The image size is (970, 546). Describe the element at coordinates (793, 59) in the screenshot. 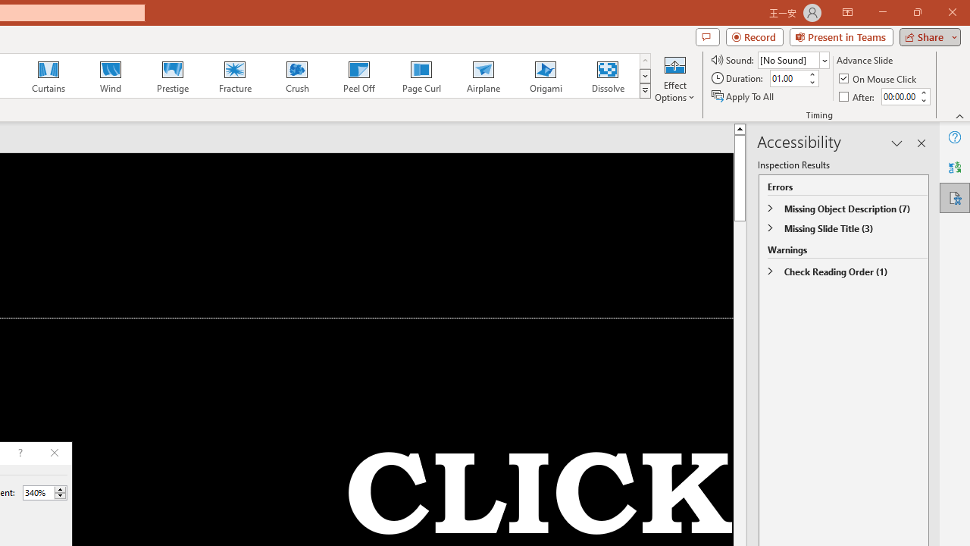

I see `'Sound'` at that location.